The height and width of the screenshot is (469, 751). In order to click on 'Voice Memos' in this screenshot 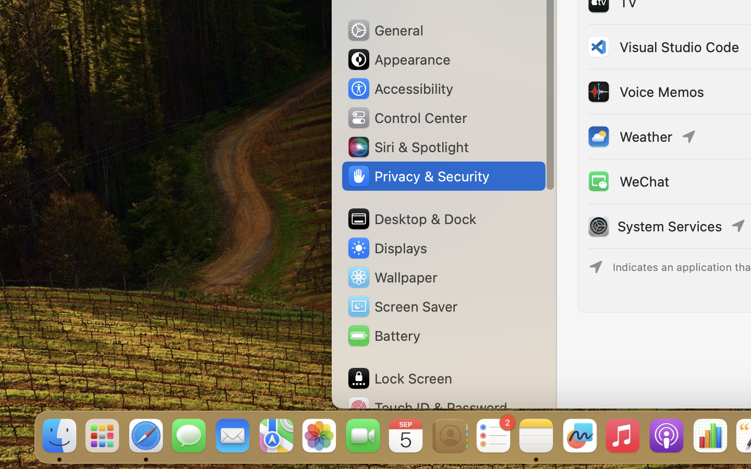, I will do `click(644, 92)`.